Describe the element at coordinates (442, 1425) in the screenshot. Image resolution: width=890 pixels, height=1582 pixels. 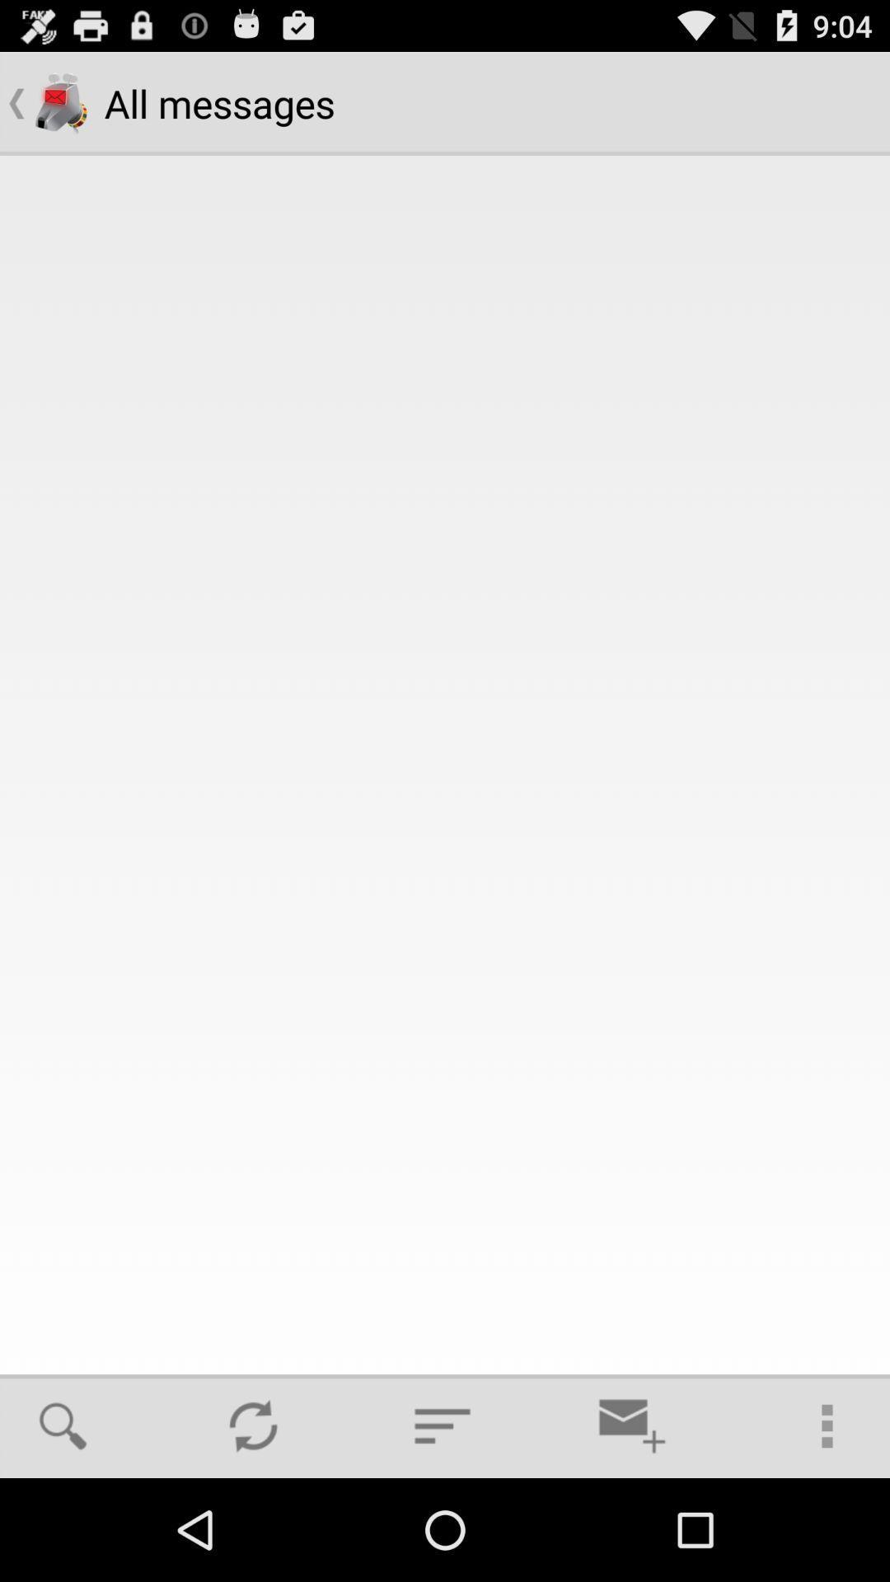
I see `the item at the bottom` at that location.